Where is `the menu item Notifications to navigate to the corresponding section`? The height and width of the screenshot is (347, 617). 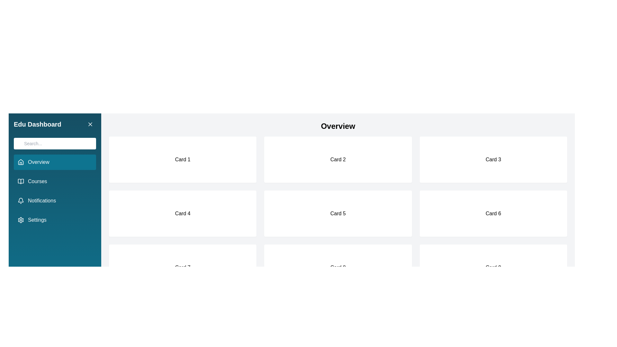
the menu item Notifications to navigate to the corresponding section is located at coordinates (55, 200).